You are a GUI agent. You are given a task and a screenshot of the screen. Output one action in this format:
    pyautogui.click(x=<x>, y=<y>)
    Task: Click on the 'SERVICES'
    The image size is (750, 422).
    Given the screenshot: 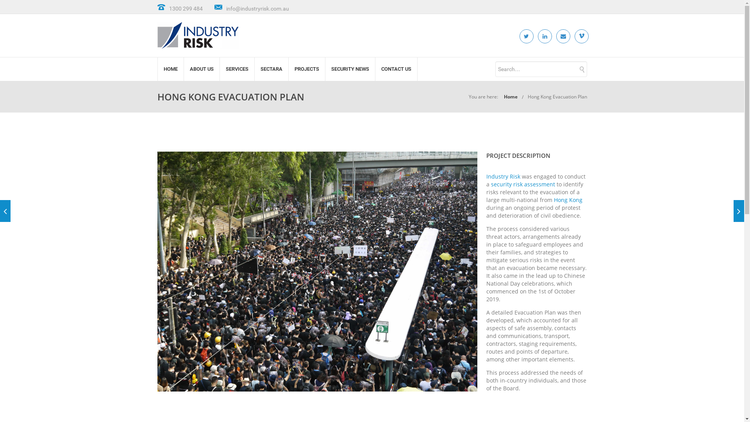 What is the action you would take?
    pyautogui.click(x=225, y=69)
    